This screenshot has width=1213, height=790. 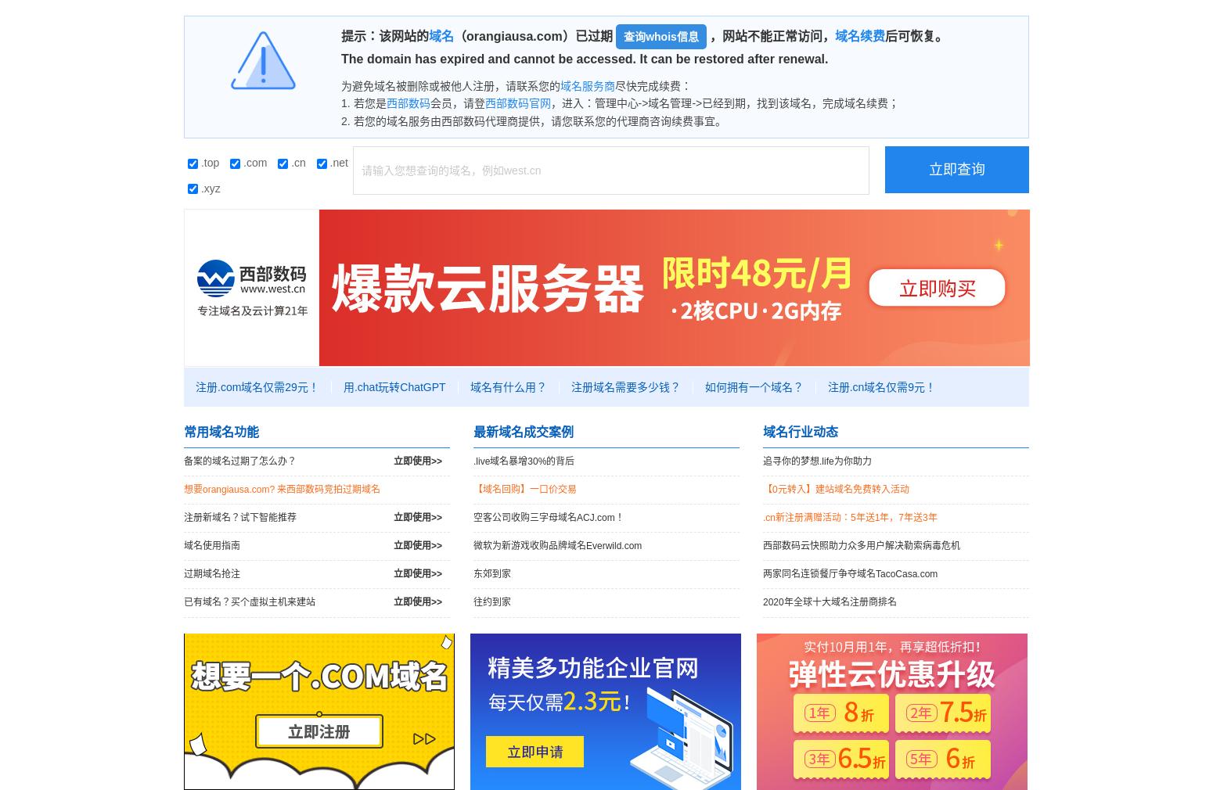 I want to click on 'The domain has expired and cannot be accessed. It can be restored after renewal.', so click(x=341, y=58).